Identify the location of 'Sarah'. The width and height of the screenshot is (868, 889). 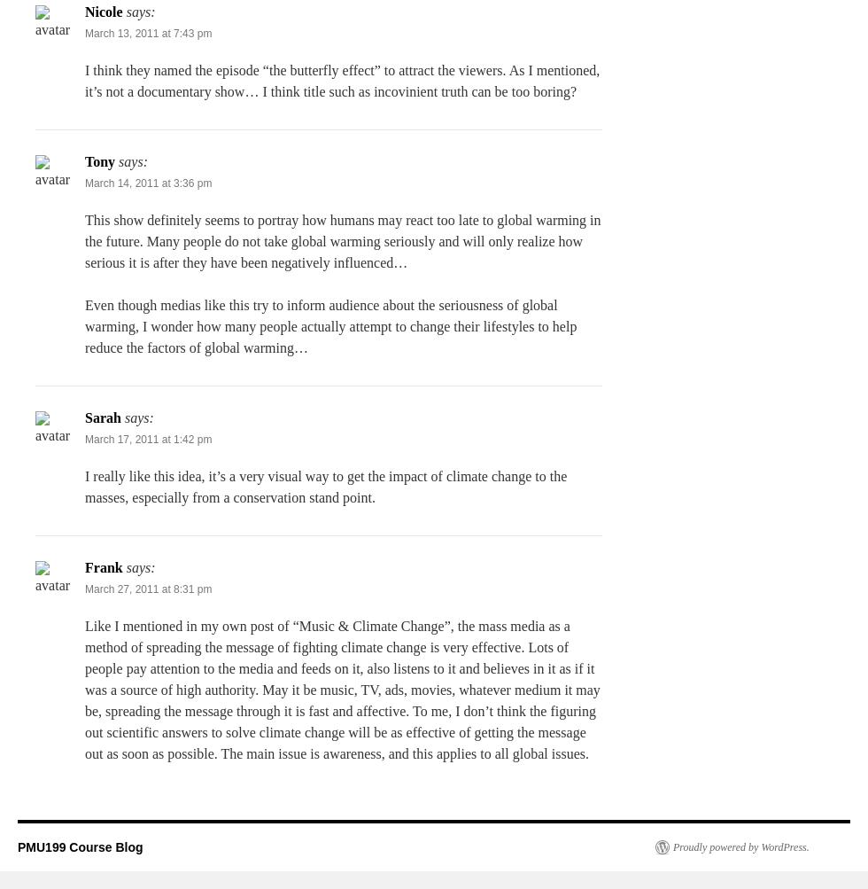
(103, 417).